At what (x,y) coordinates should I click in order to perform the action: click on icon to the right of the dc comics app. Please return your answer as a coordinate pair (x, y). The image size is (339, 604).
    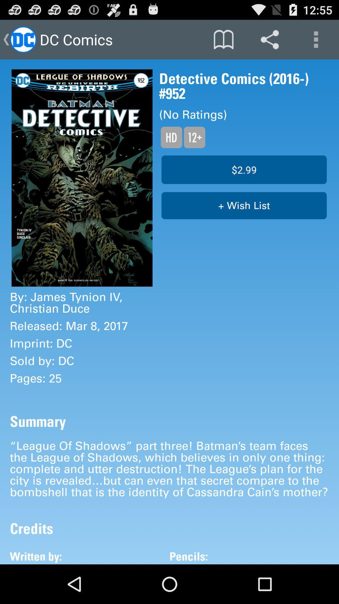
    Looking at the image, I should click on (223, 39).